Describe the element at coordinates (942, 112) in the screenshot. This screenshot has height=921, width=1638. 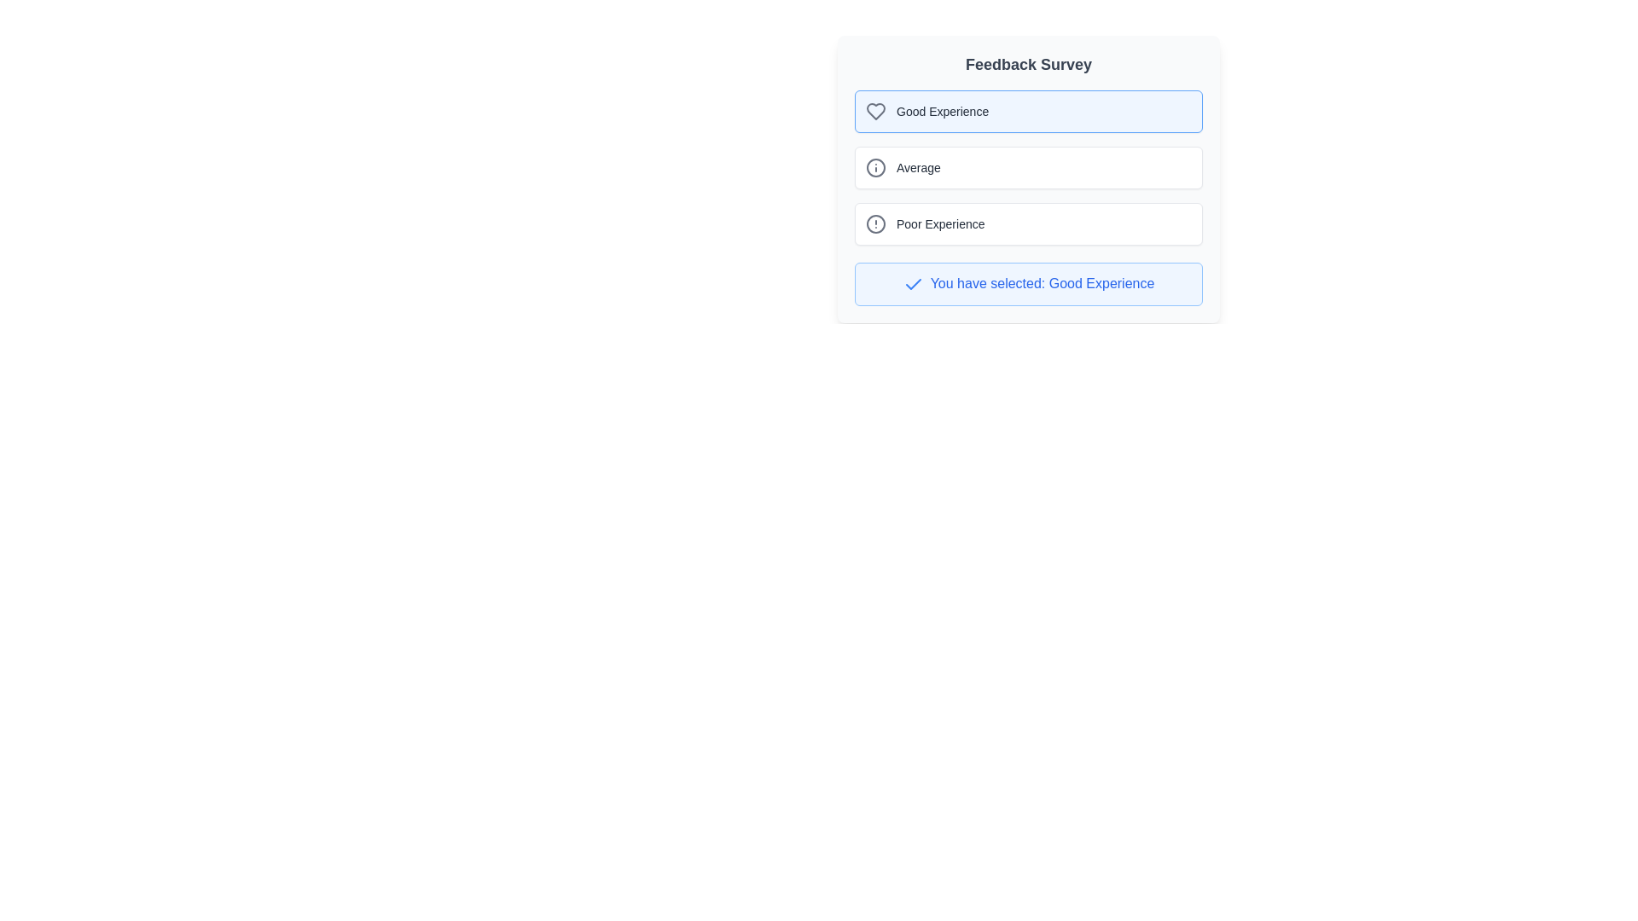
I see `the text label that describes one of the feedback options in the survey form, positioned to the right of a heart-shaped icon` at that location.